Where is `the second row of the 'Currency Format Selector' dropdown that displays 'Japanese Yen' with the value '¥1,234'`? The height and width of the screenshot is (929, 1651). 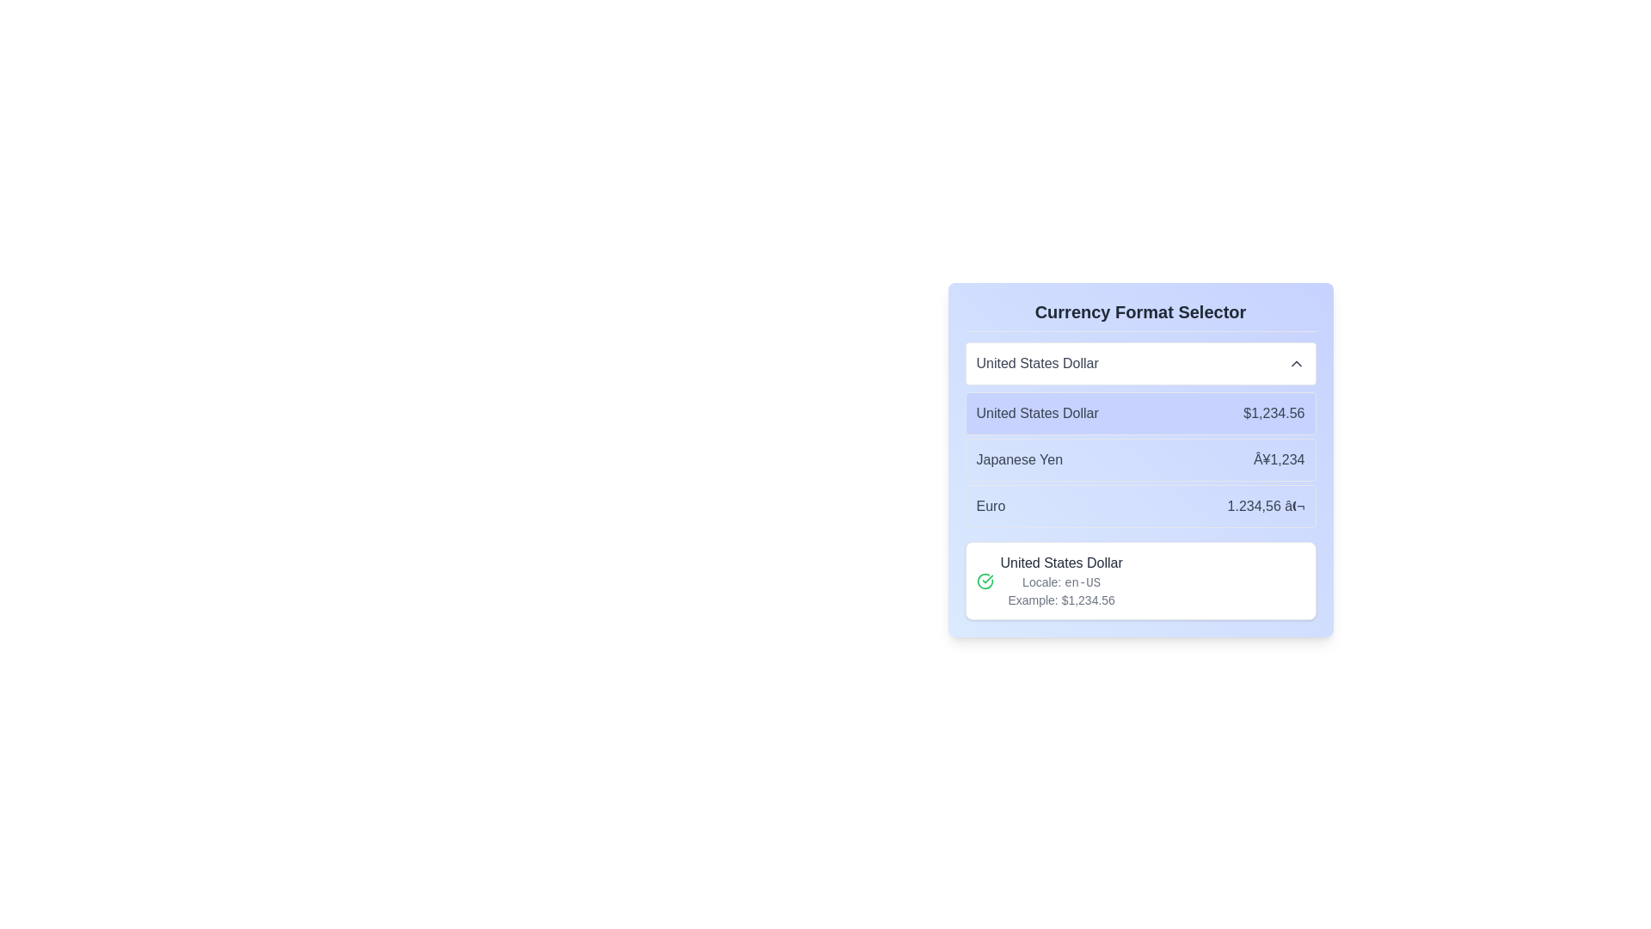
the second row of the 'Currency Format Selector' dropdown that displays 'Japanese Yen' with the value '¥1,234' is located at coordinates (1140, 459).